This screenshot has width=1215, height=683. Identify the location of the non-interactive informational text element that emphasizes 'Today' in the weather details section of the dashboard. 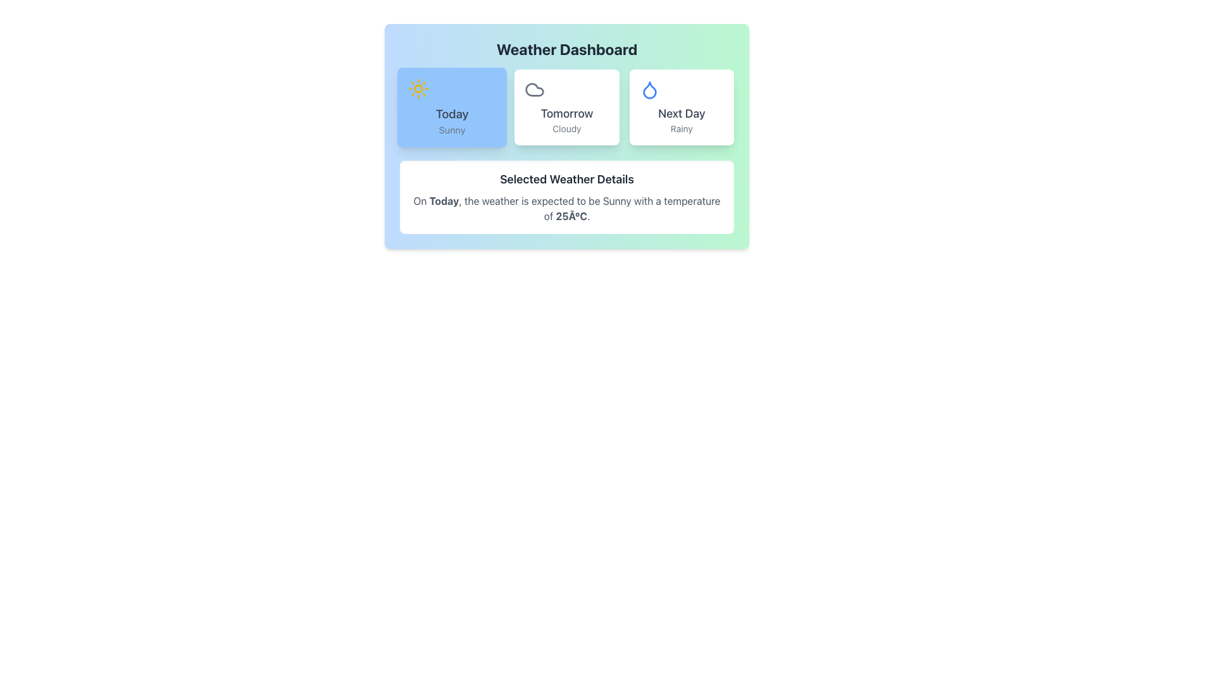
(444, 200).